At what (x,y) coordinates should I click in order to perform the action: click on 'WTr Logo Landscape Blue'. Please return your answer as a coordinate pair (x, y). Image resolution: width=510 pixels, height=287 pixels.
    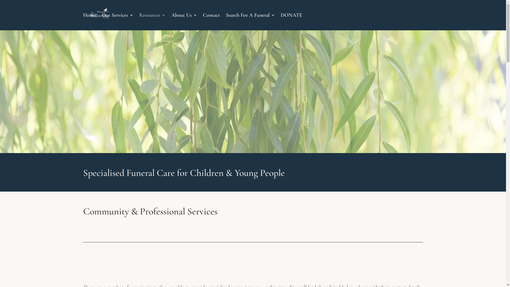
    Looking at the image, I should click on (253, 100).